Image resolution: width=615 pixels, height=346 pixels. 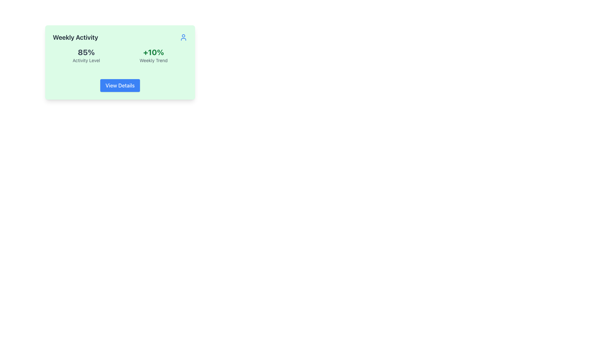 I want to click on the 'Activity Level' label, which is a small-sized gray text located under the bold '85%' in the 'Weekly Activity' card, so click(x=86, y=61).